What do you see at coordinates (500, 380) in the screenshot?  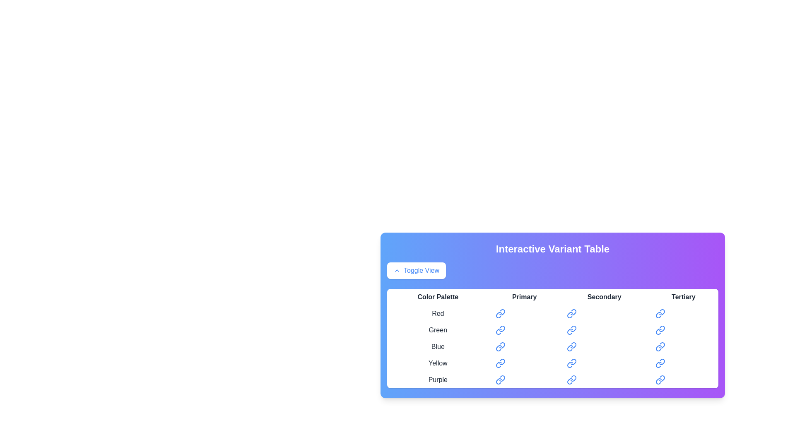 I see `the blue link icon resembling a chain link in the last row of the 'Primary' column under the 'Purple' label in the 'Interactive Variant Table'` at bounding box center [500, 380].